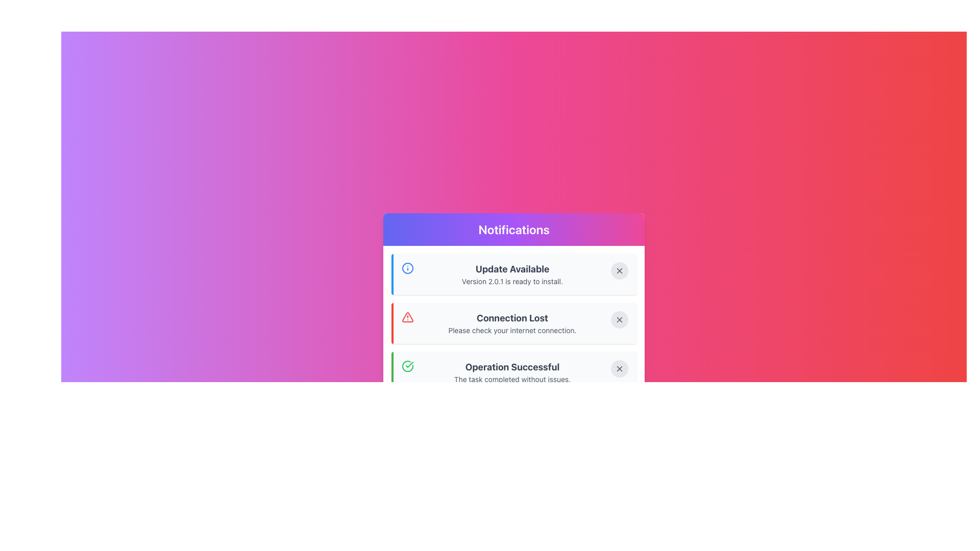 The width and height of the screenshot is (980, 551). I want to click on the circular close button with a dark gray 'X' icon located at the top right corner of the 'Operation Successful' notification card, so click(619, 368).